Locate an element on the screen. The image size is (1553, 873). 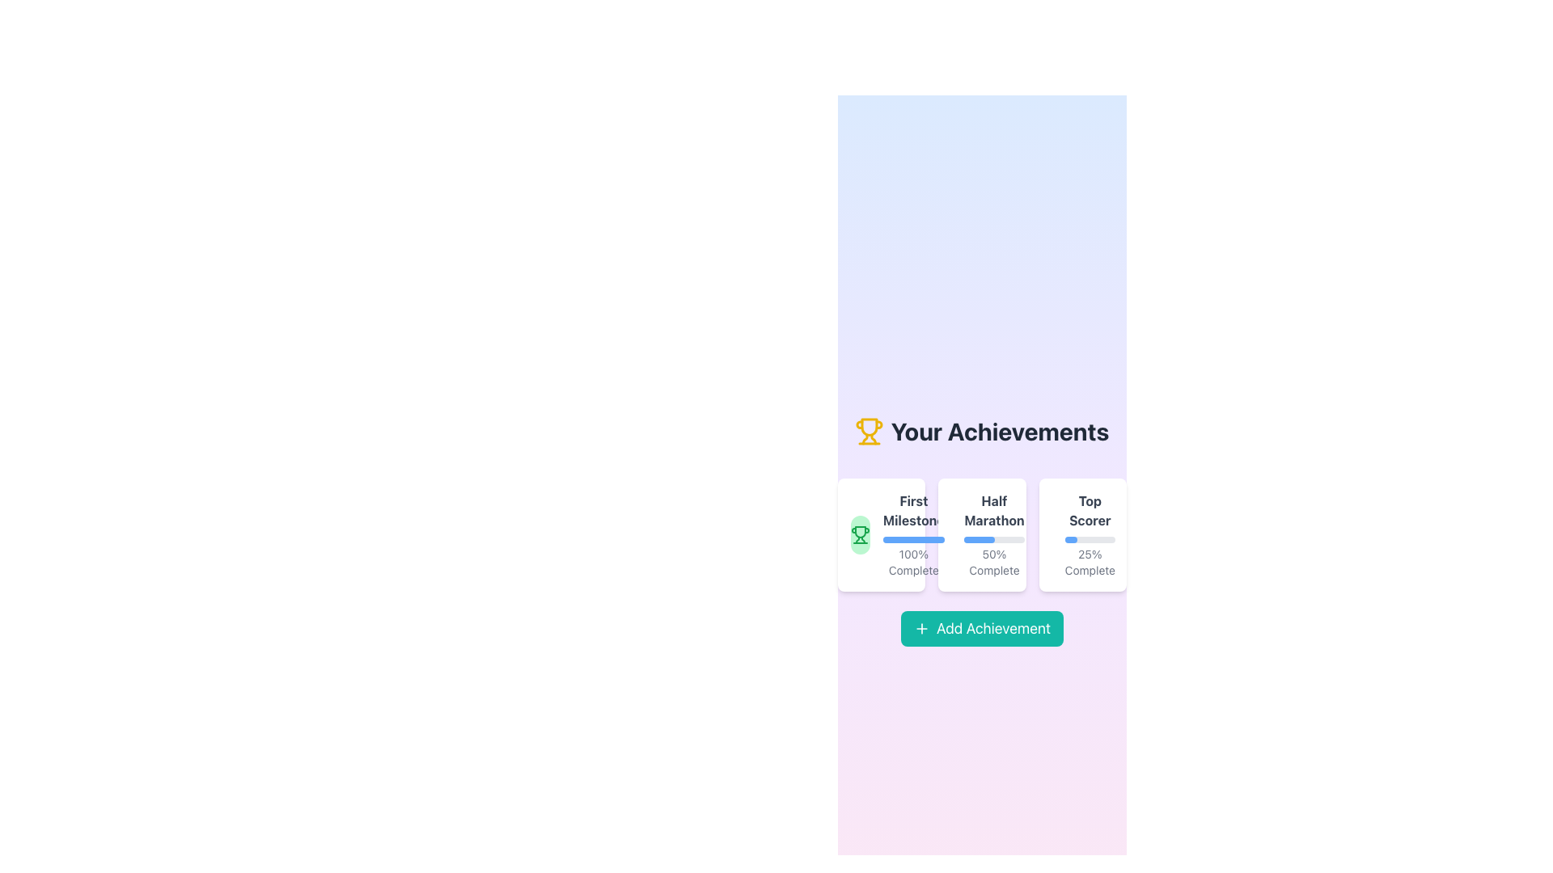
the achievement icon located to the left of the heading 'Your Achievements' is located at coordinates (869, 430).